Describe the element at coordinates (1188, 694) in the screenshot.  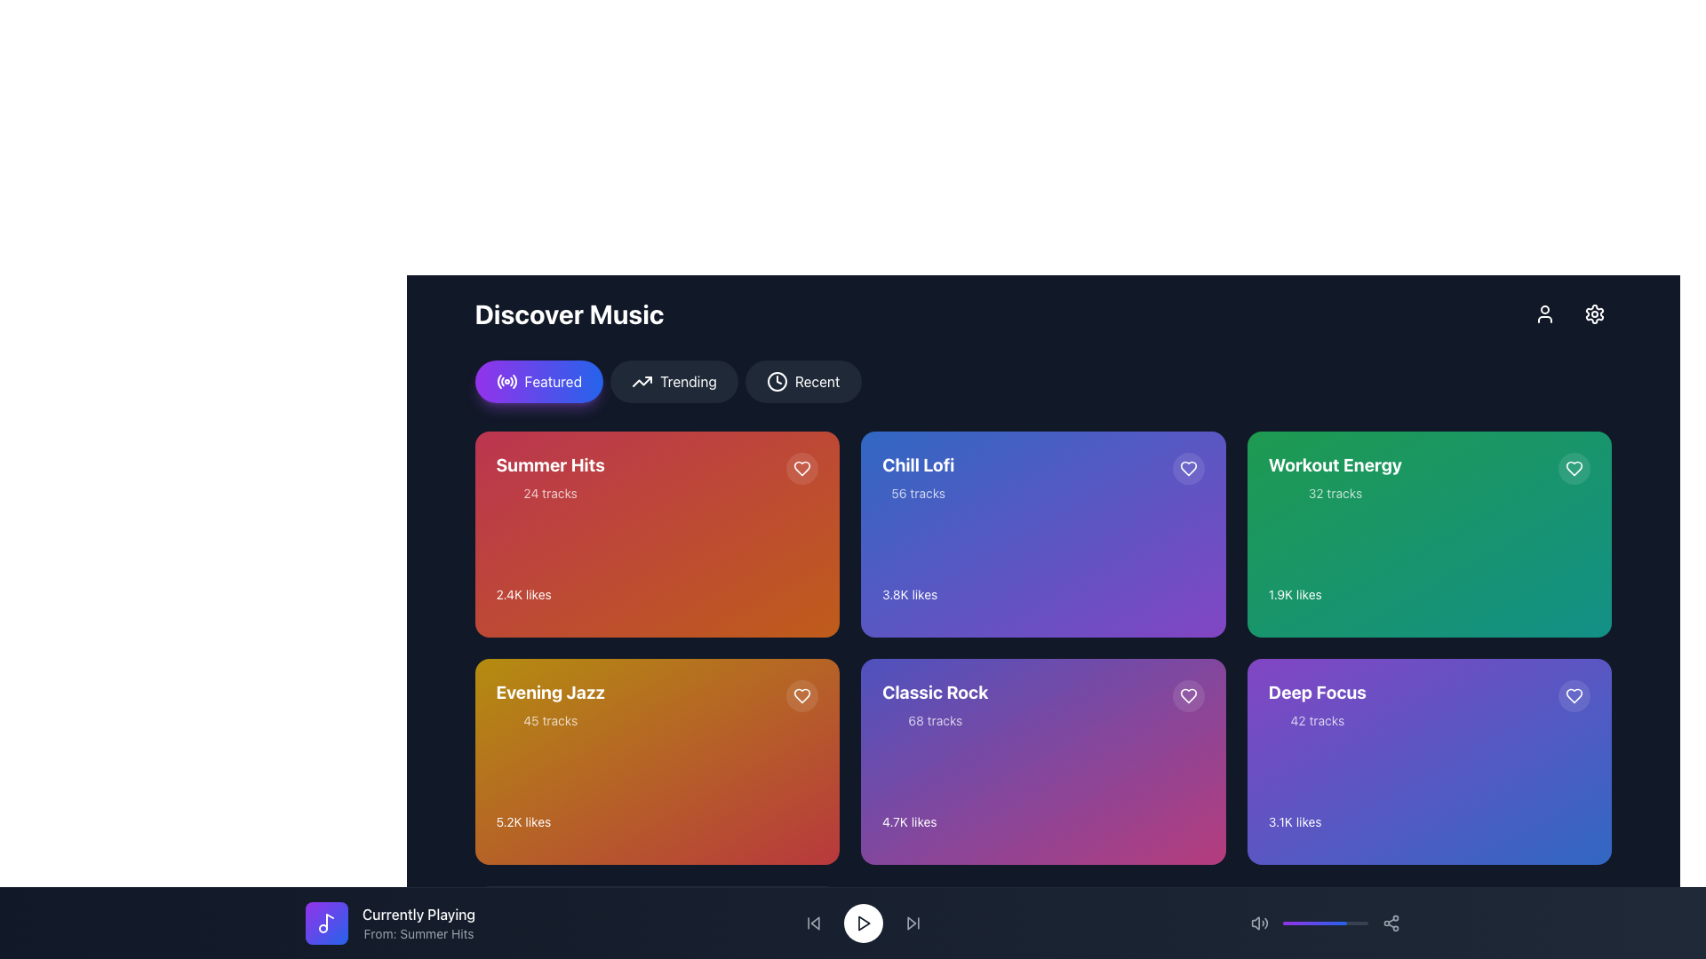
I see `the circular heart-shaped button located at the top-right corner of the 'Classic Rock' card` at that location.